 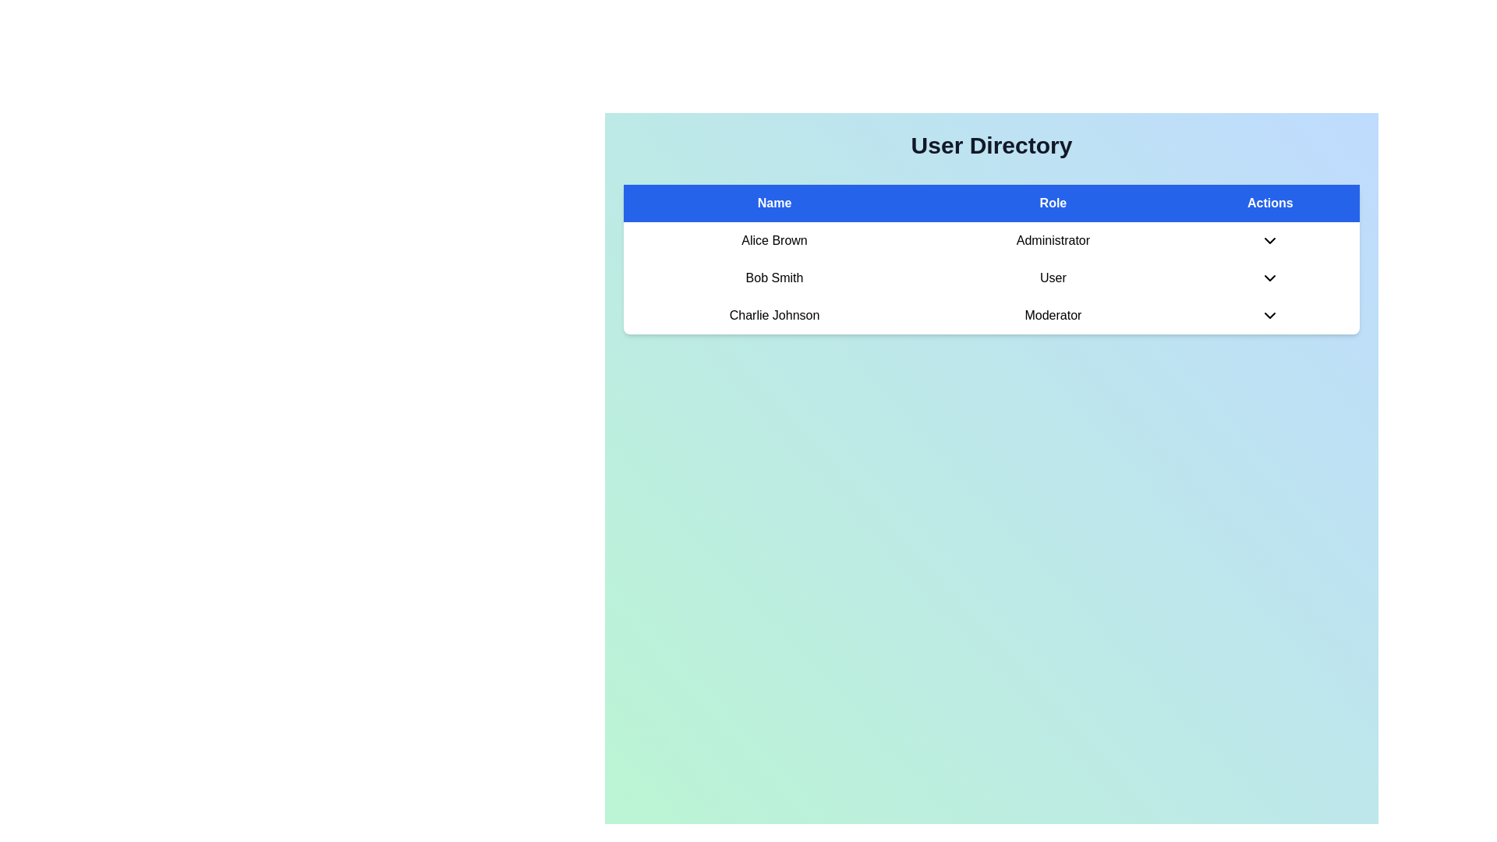 I want to click on the table cell located in the second row under the 'Role' column of the 'User Directory' table, so click(x=991, y=258).